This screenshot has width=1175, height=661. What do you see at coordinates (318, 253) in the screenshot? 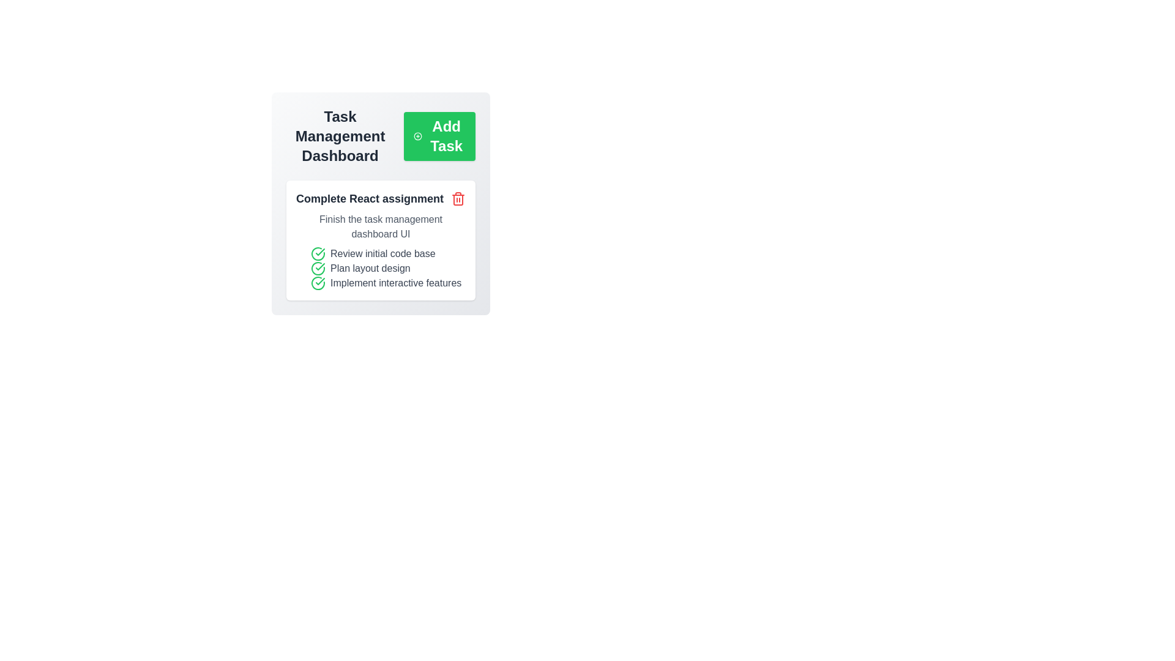
I see `the circular icon with a checkmark inside it, styled with a green outline, located to the left of the task labeled 'Review initial code base' under the heading 'Complete React assignment.'` at bounding box center [318, 253].